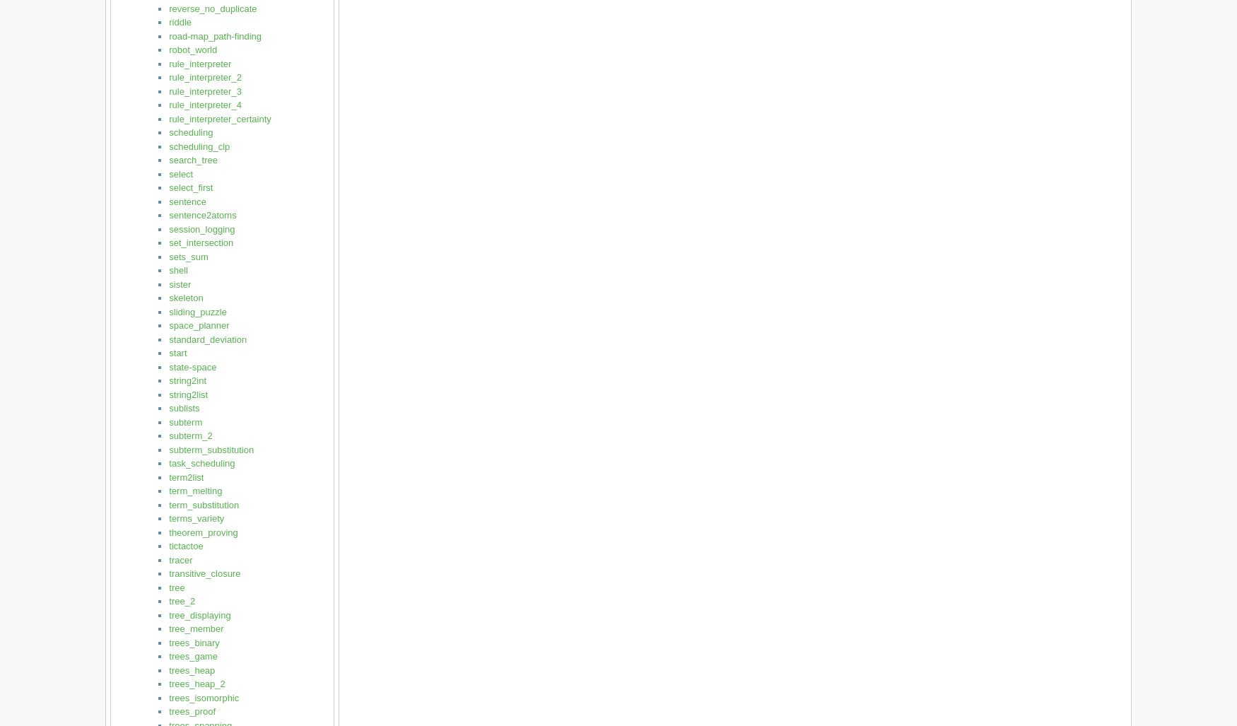 Image resolution: width=1237 pixels, height=726 pixels. What do you see at coordinates (196, 518) in the screenshot?
I see `'terms_variety'` at bounding box center [196, 518].